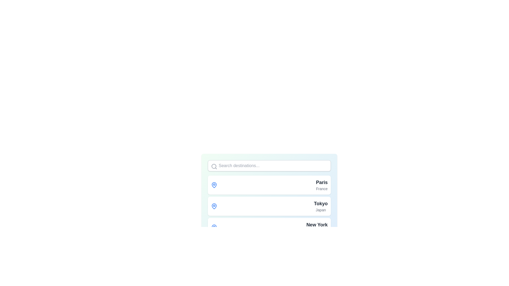  I want to click on the selectable list item representing a destination card located in the second position, which is below 'Paris, France' and above 'New York, USA', so click(269, 206).